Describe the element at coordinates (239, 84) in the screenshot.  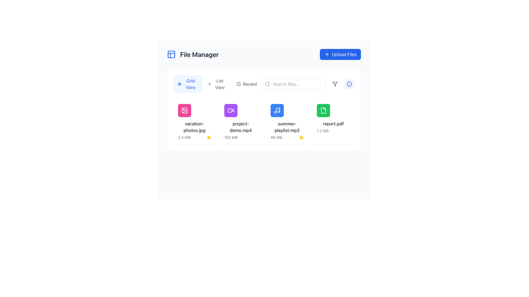
I see `the SVG-based clock icon representing the 'Recent' functionality in the File Manager application, located near the top center-right of the interface` at that location.